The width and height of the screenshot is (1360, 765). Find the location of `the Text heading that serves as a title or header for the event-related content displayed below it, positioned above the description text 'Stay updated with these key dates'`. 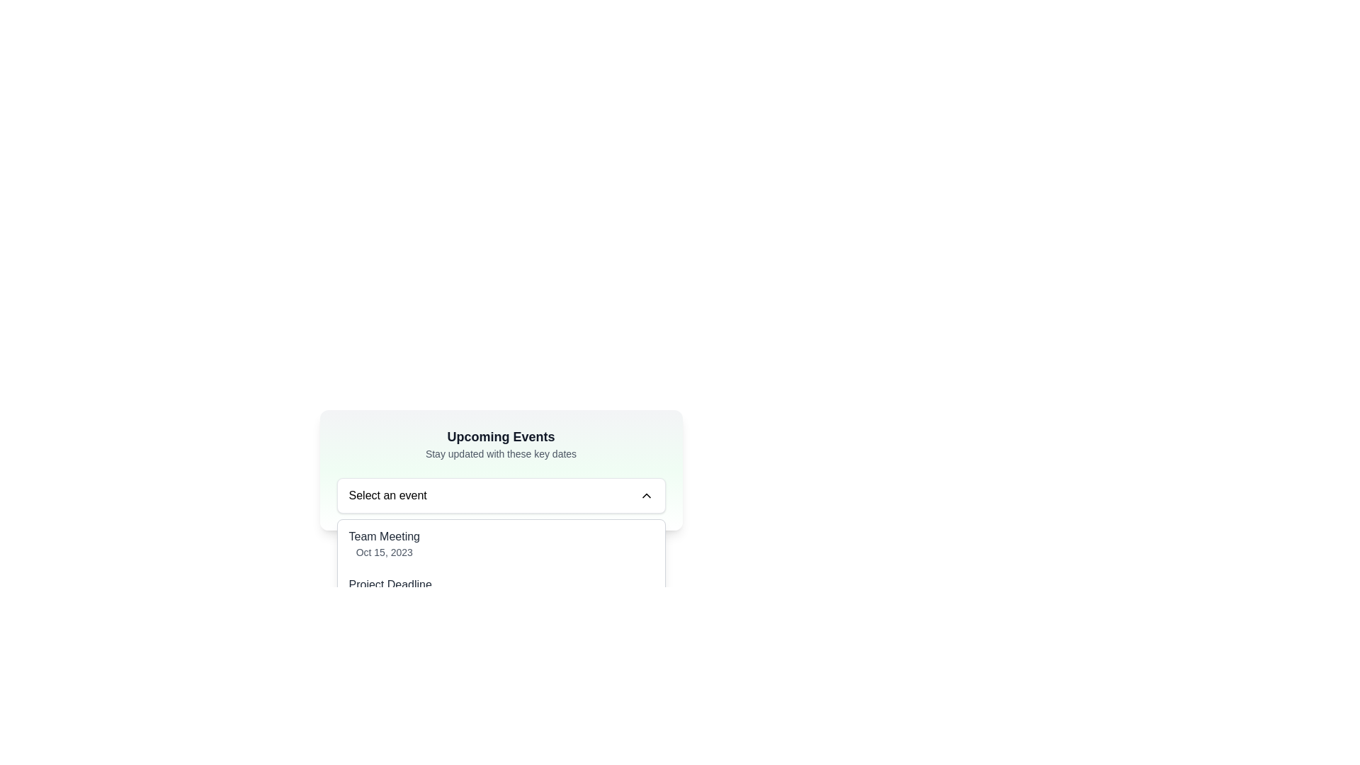

the Text heading that serves as a title or header for the event-related content displayed below it, positioned above the description text 'Stay updated with these key dates' is located at coordinates (501, 436).